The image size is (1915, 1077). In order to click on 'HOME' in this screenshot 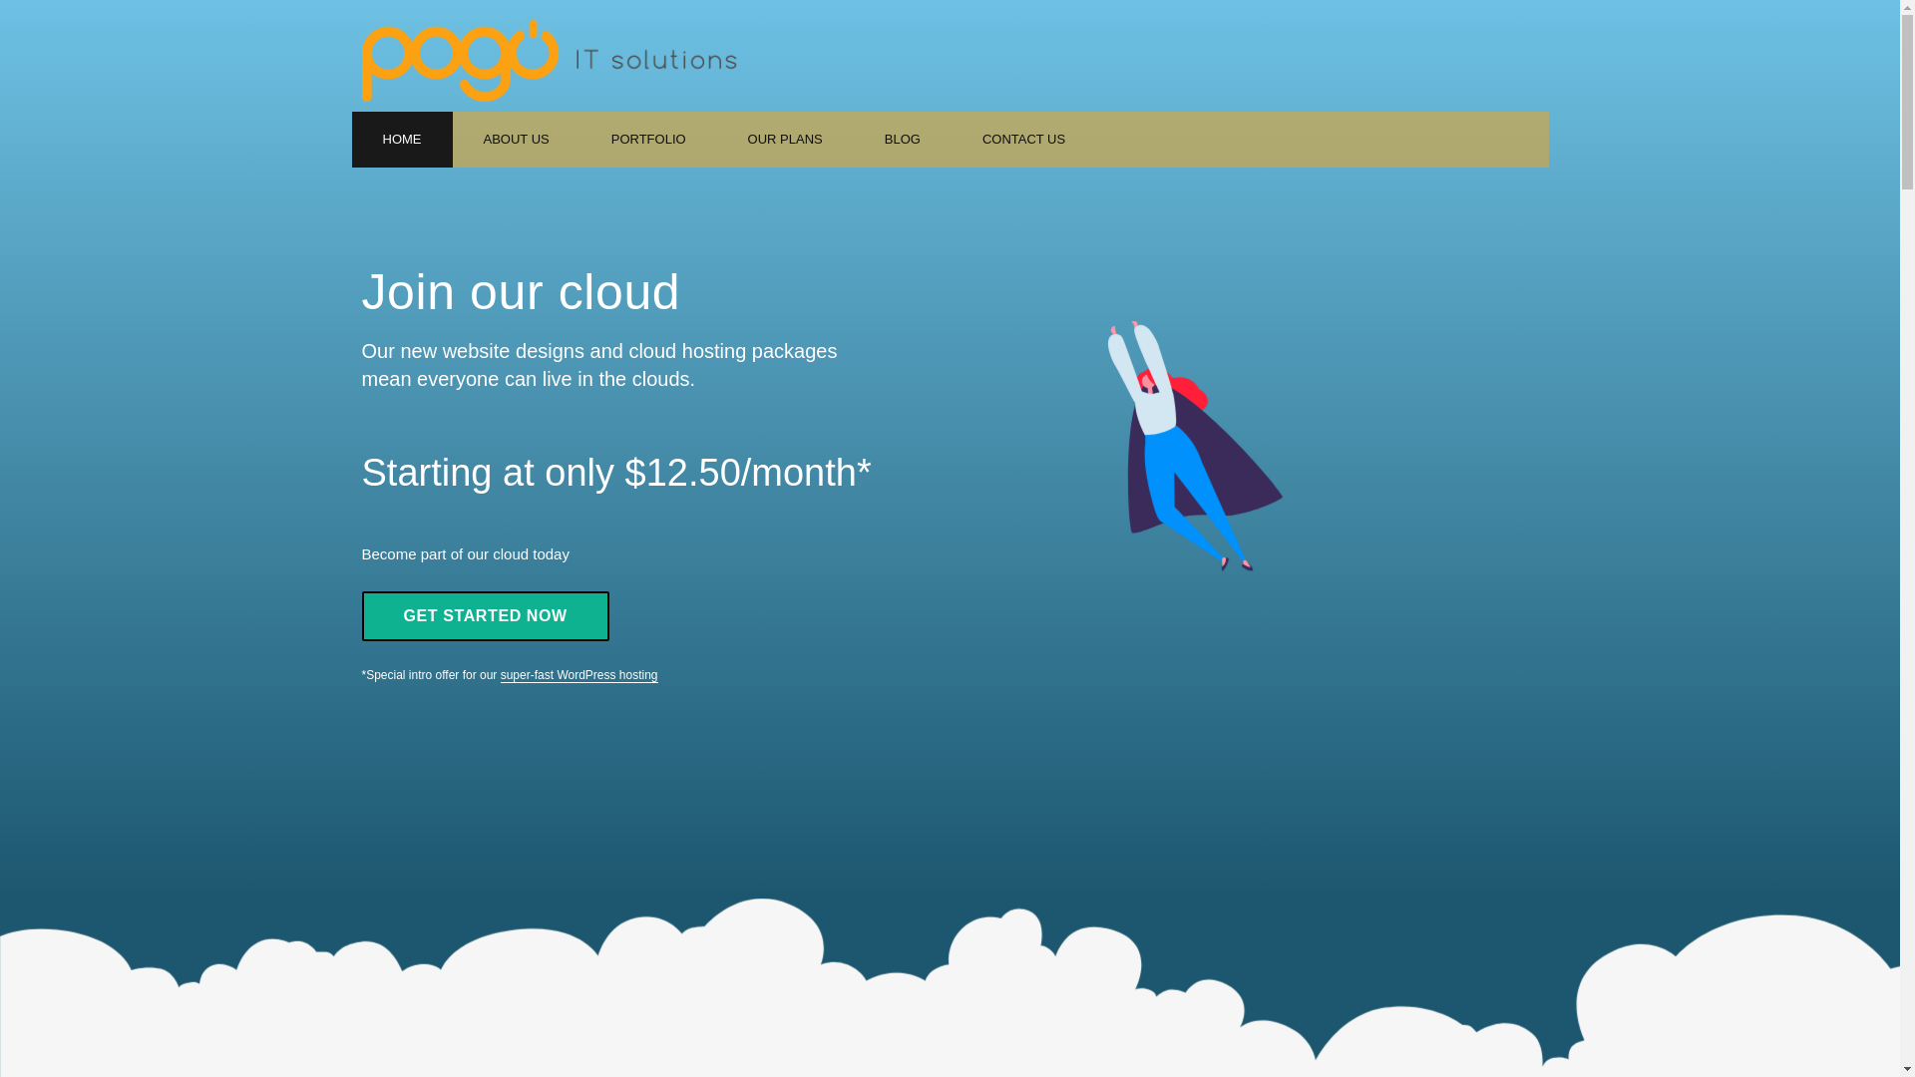, I will do `click(400, 138)`.